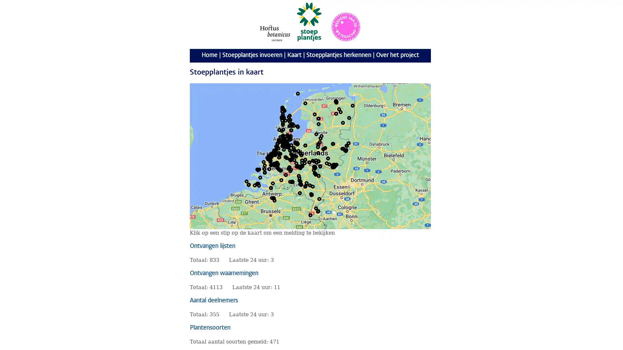 The height and width of the screenshot is (350, 623). Describe the element at coordinates (274, 164) in the screenshot. I see `Telling van Josien Hofs op 31 oktober 2021` at that location.